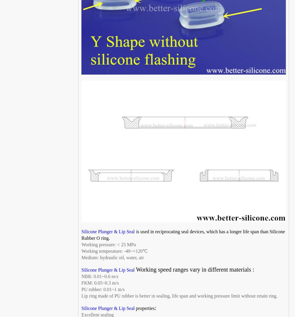 Image resolution: width=295 pixels, height=317 pixels. What do you see at coordinates (194, 270) in the screenshot?
I see `'Working speed ranges vary in different materials :'` at bounding box center [194, 270].